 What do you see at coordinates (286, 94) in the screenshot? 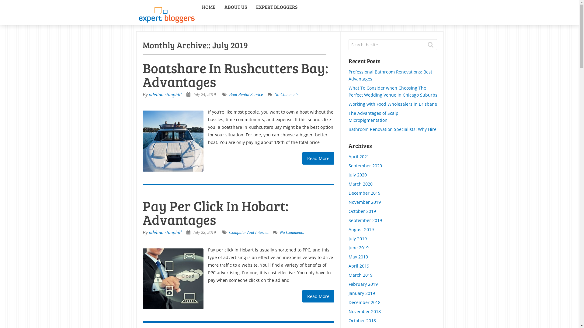
I see `'No Comments'` at bounding box center [286, 94].